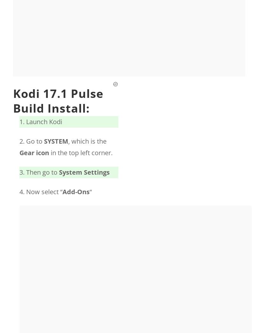 Image resolution: width=258 pixels, height=333 pixels. I want to click on ', which is the', so click(87, 141).